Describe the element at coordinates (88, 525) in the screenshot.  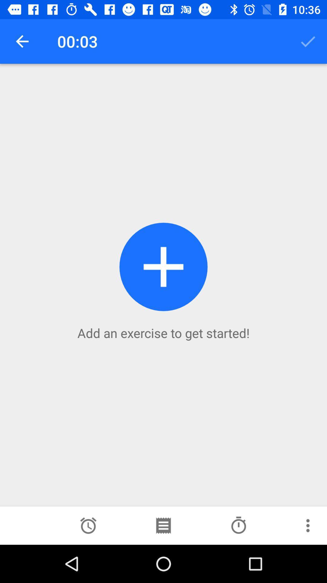
I see `open timer` at that location.